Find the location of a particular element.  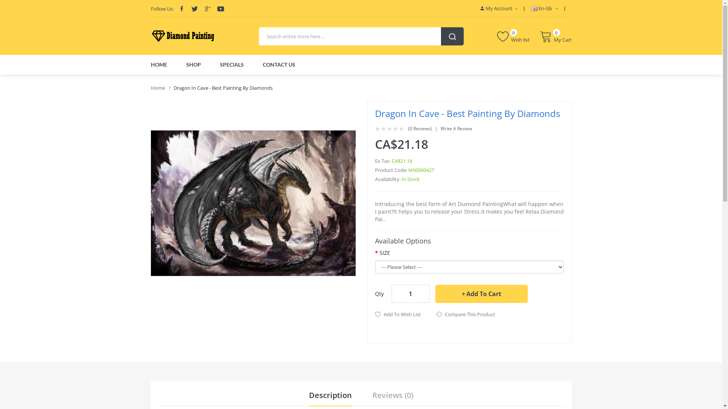

'Write A Review' is located at coordinates (456, 128).